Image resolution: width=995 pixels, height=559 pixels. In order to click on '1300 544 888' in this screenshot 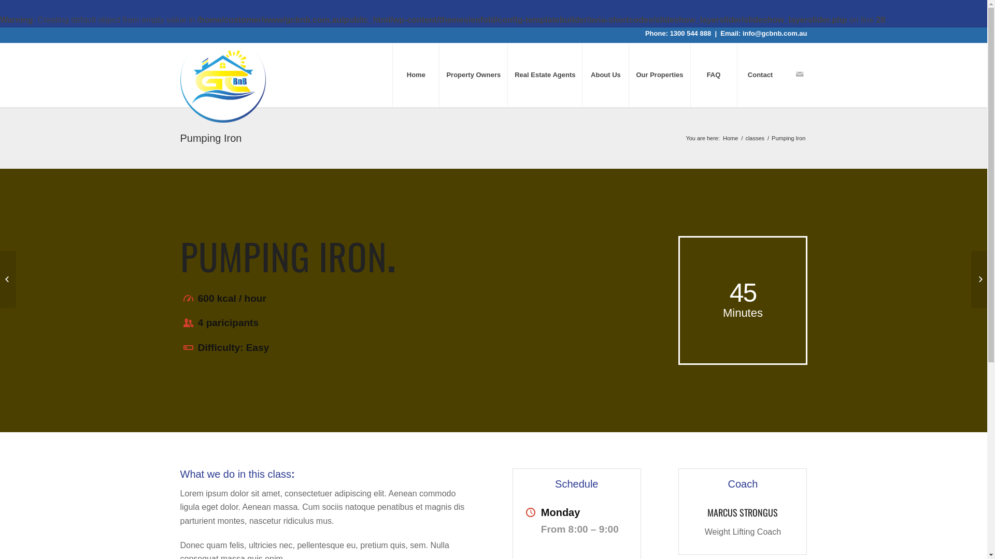, I will do `click(691, 33)`.